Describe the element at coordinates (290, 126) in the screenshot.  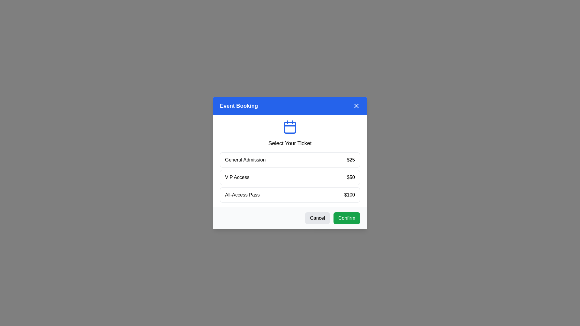
I see `the decorative icon symbolizing scheduling or event selection, located below the 'Event Booking' title and above the 'Select Your Ticket' text in the dialog box` at that location.